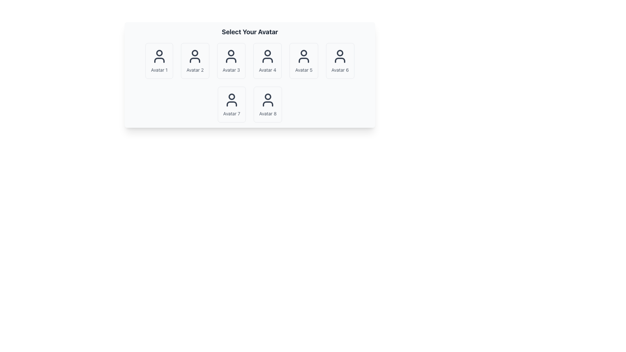 The height and width of the screenshot is (352, 626). What do you see at coordinates (267, 56) in the screenshot?
I see `the user avatar icon that is styled in dark gray and located above the text label 'Avatar 4' in the avatar selection section` at bounding box center [267, 56].